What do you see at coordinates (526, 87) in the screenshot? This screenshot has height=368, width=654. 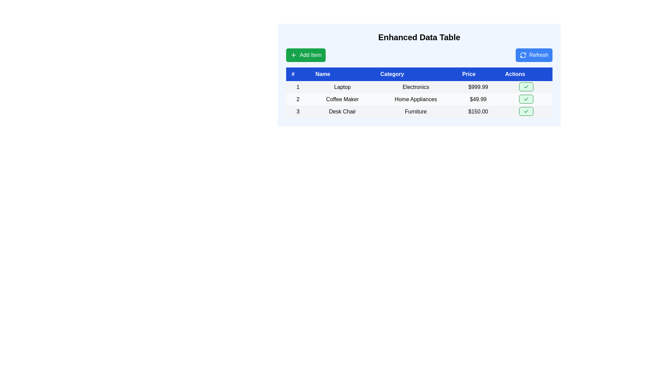 I see `the green button with a checkmark icon located in the 'Actions' column of the first row of the table, aligned with 'Laptop' and '$999.99'` at bounding box center [526, 87].